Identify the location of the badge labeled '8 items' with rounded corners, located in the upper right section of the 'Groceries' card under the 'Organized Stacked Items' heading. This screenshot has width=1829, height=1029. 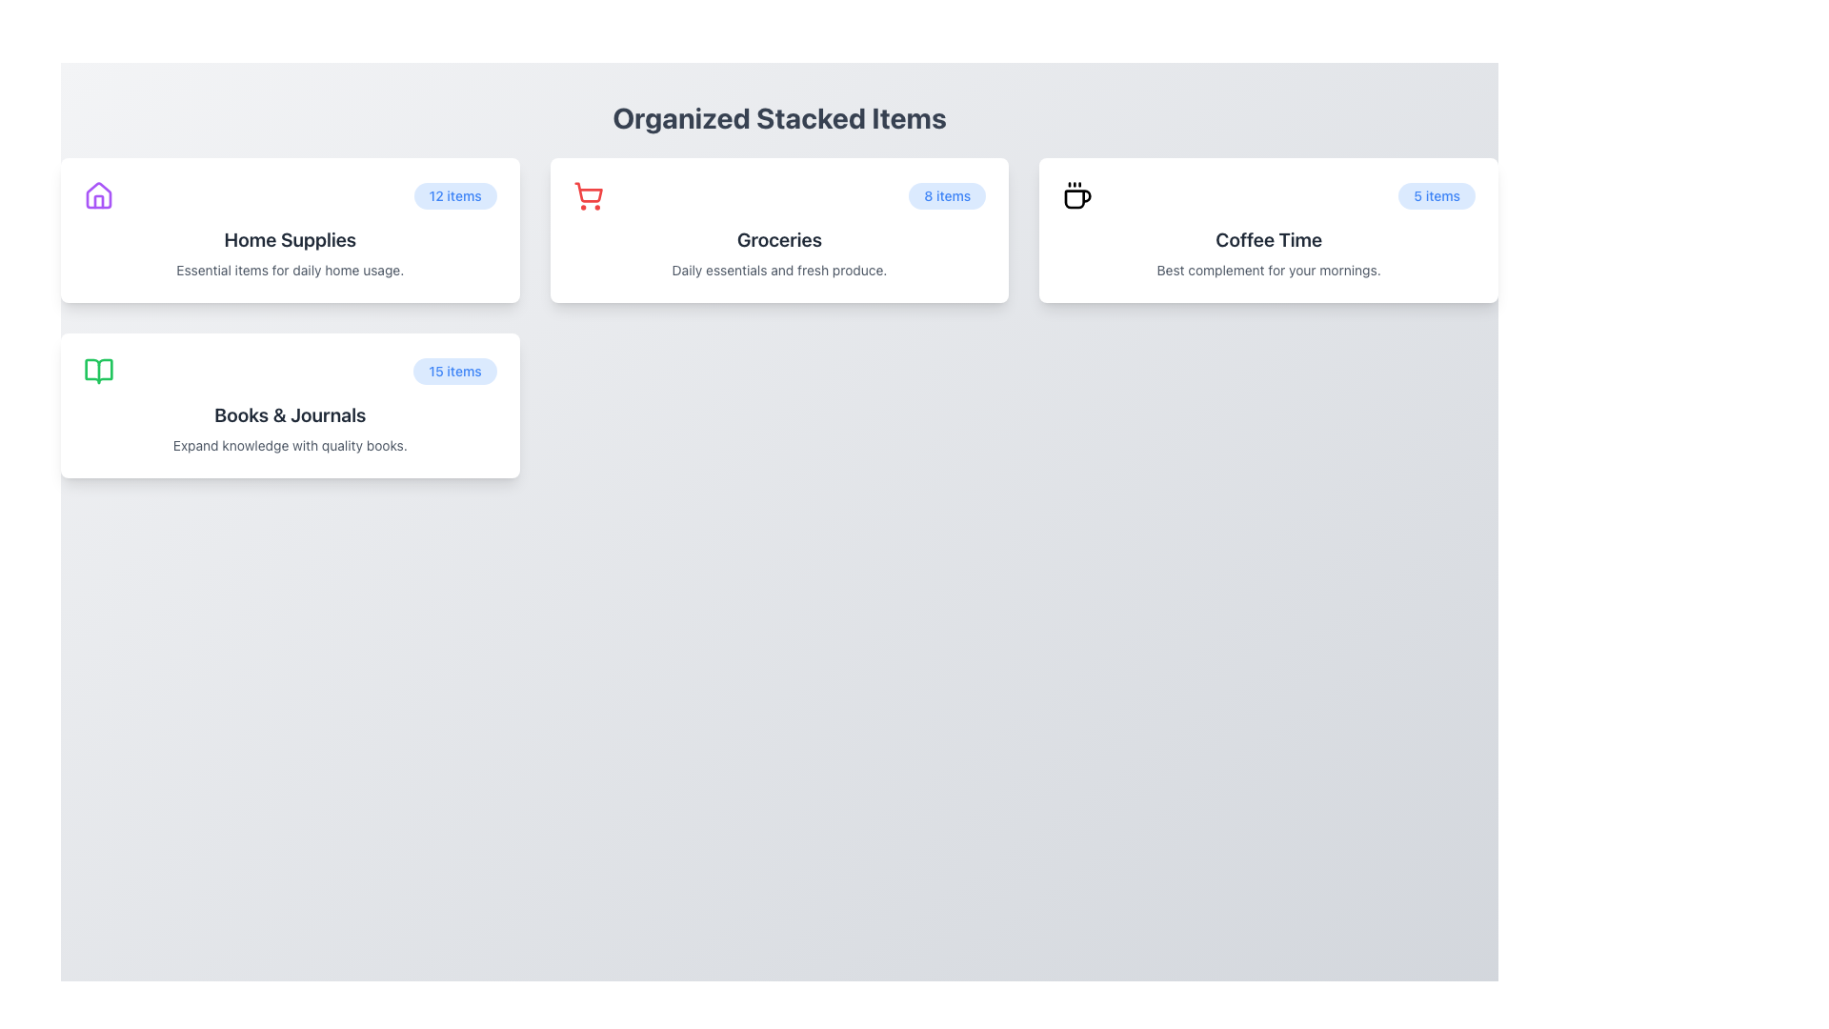
(947, 195).